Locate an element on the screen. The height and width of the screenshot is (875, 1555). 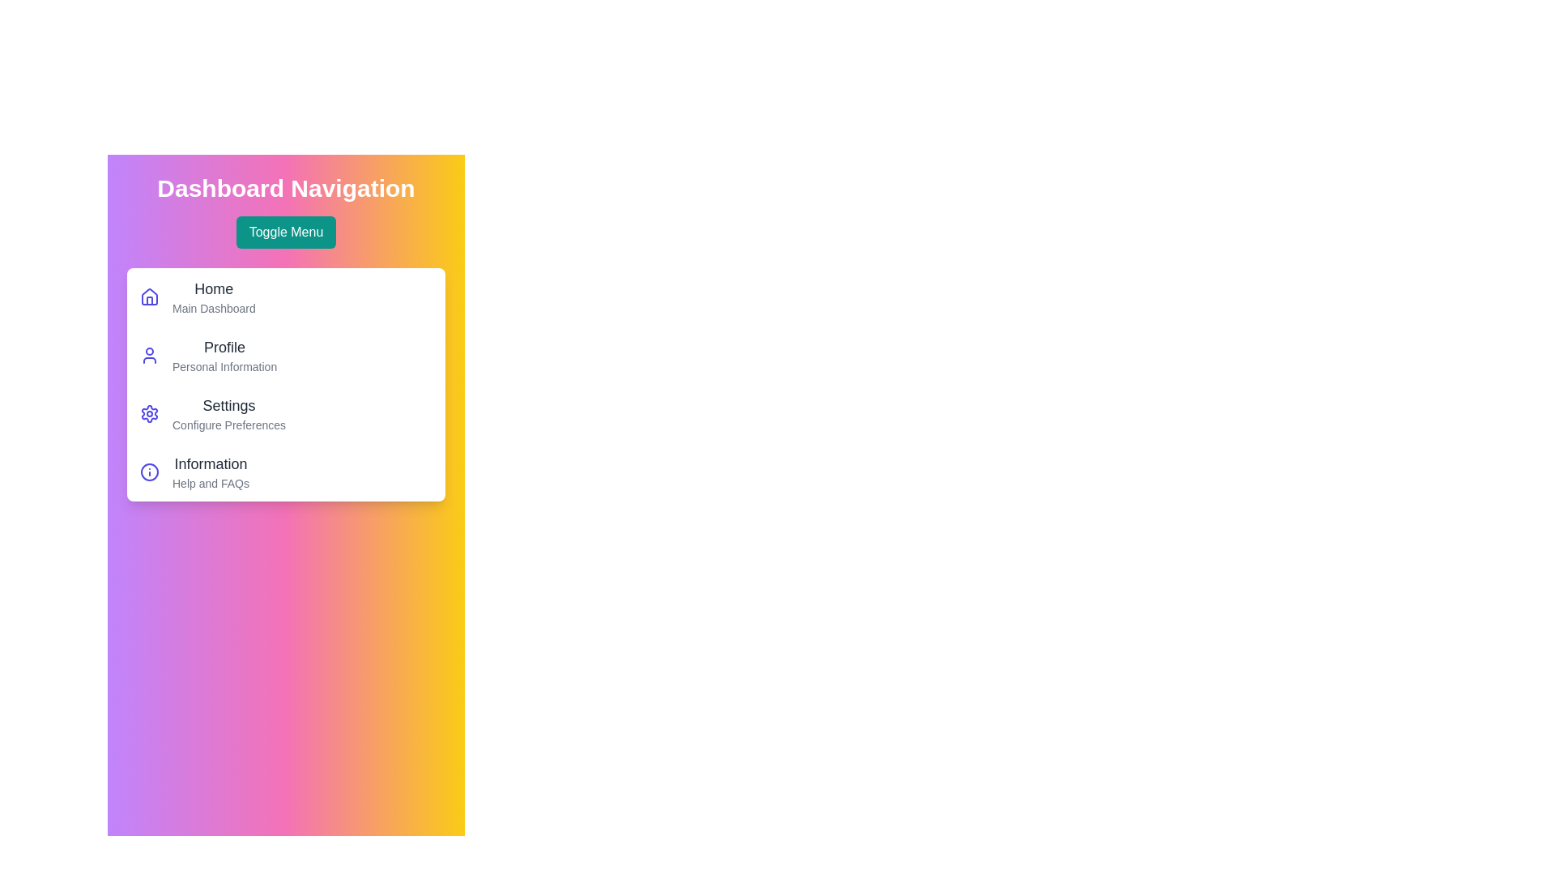
the menu item labeled Home is located at coordinates (213, 288).